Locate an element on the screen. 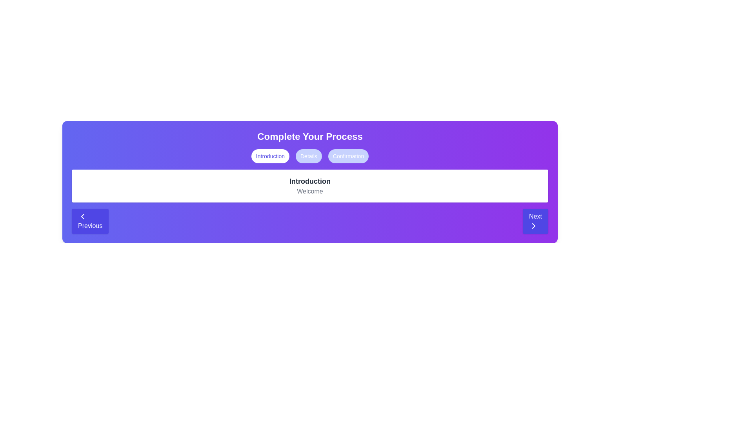 The height and width of the screenshot is (423, 753). the small left-arrow icon, which is part of the 'Previous' button located in the bottom-left corner of the interface is located at coordinates (83, 216).